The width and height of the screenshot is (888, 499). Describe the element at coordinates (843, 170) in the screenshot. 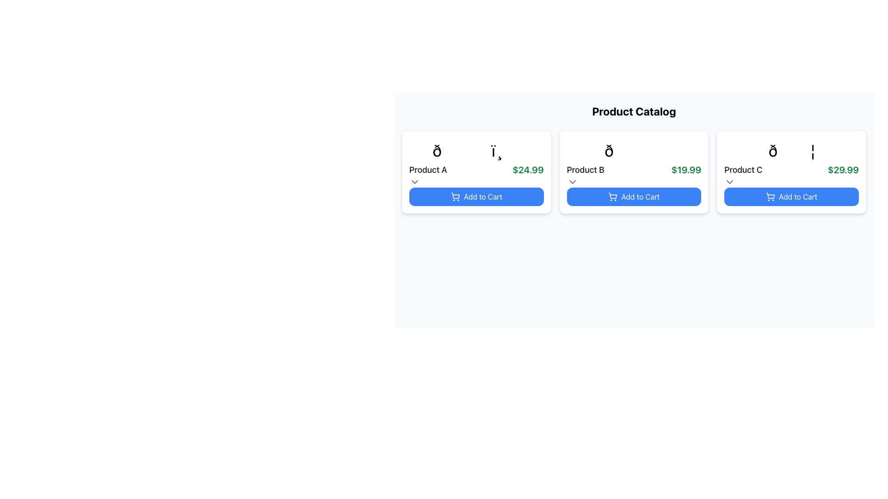

I see `the text label displaying the price '$29.99' in bold green font, located to the right of 'Product C' in the product catalog` at that location.